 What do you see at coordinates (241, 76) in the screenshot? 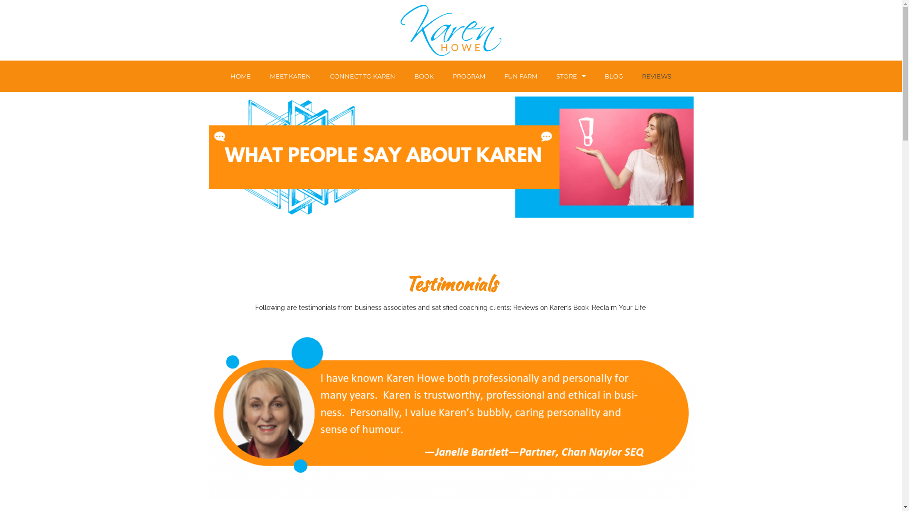
I see `'HOME'` at bounding box center [241, 76].